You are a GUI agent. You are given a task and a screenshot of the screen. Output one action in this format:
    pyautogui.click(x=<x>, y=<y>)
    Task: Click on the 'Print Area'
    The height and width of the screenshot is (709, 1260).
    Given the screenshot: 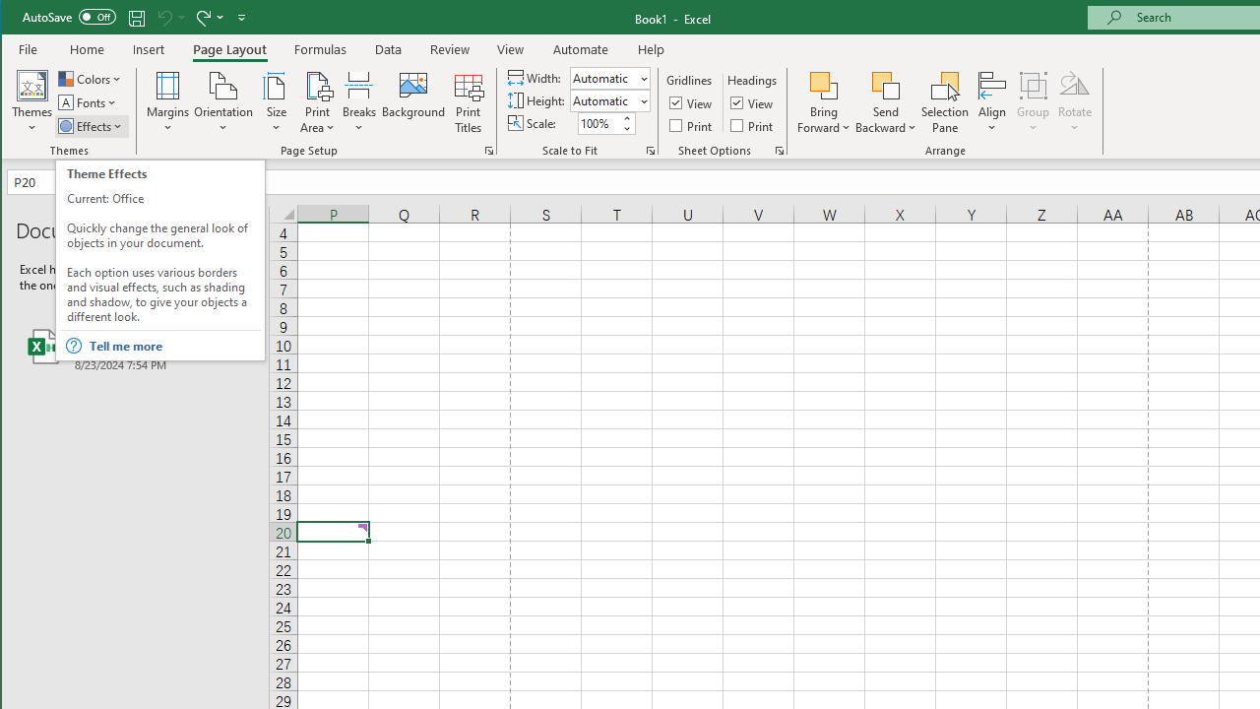 What is the action you would take?
    pyautogui.click(x=318, y=102)
    